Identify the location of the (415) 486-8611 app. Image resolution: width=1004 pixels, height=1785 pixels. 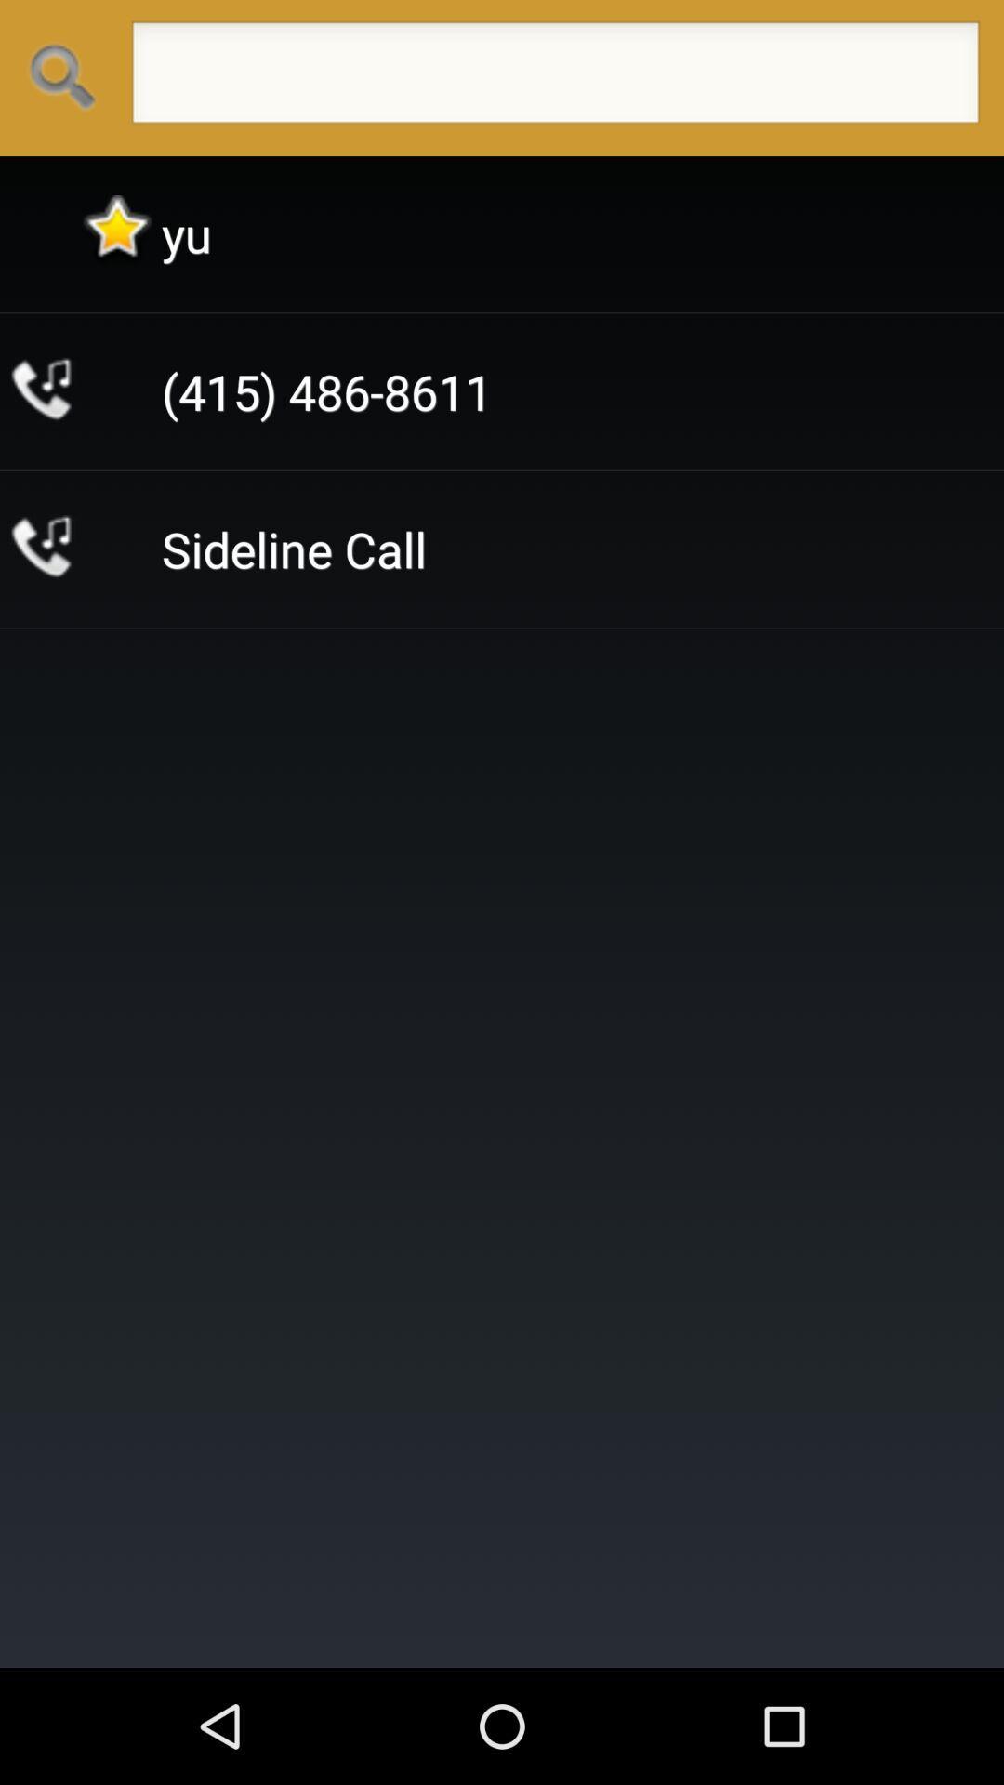
(325, 390).